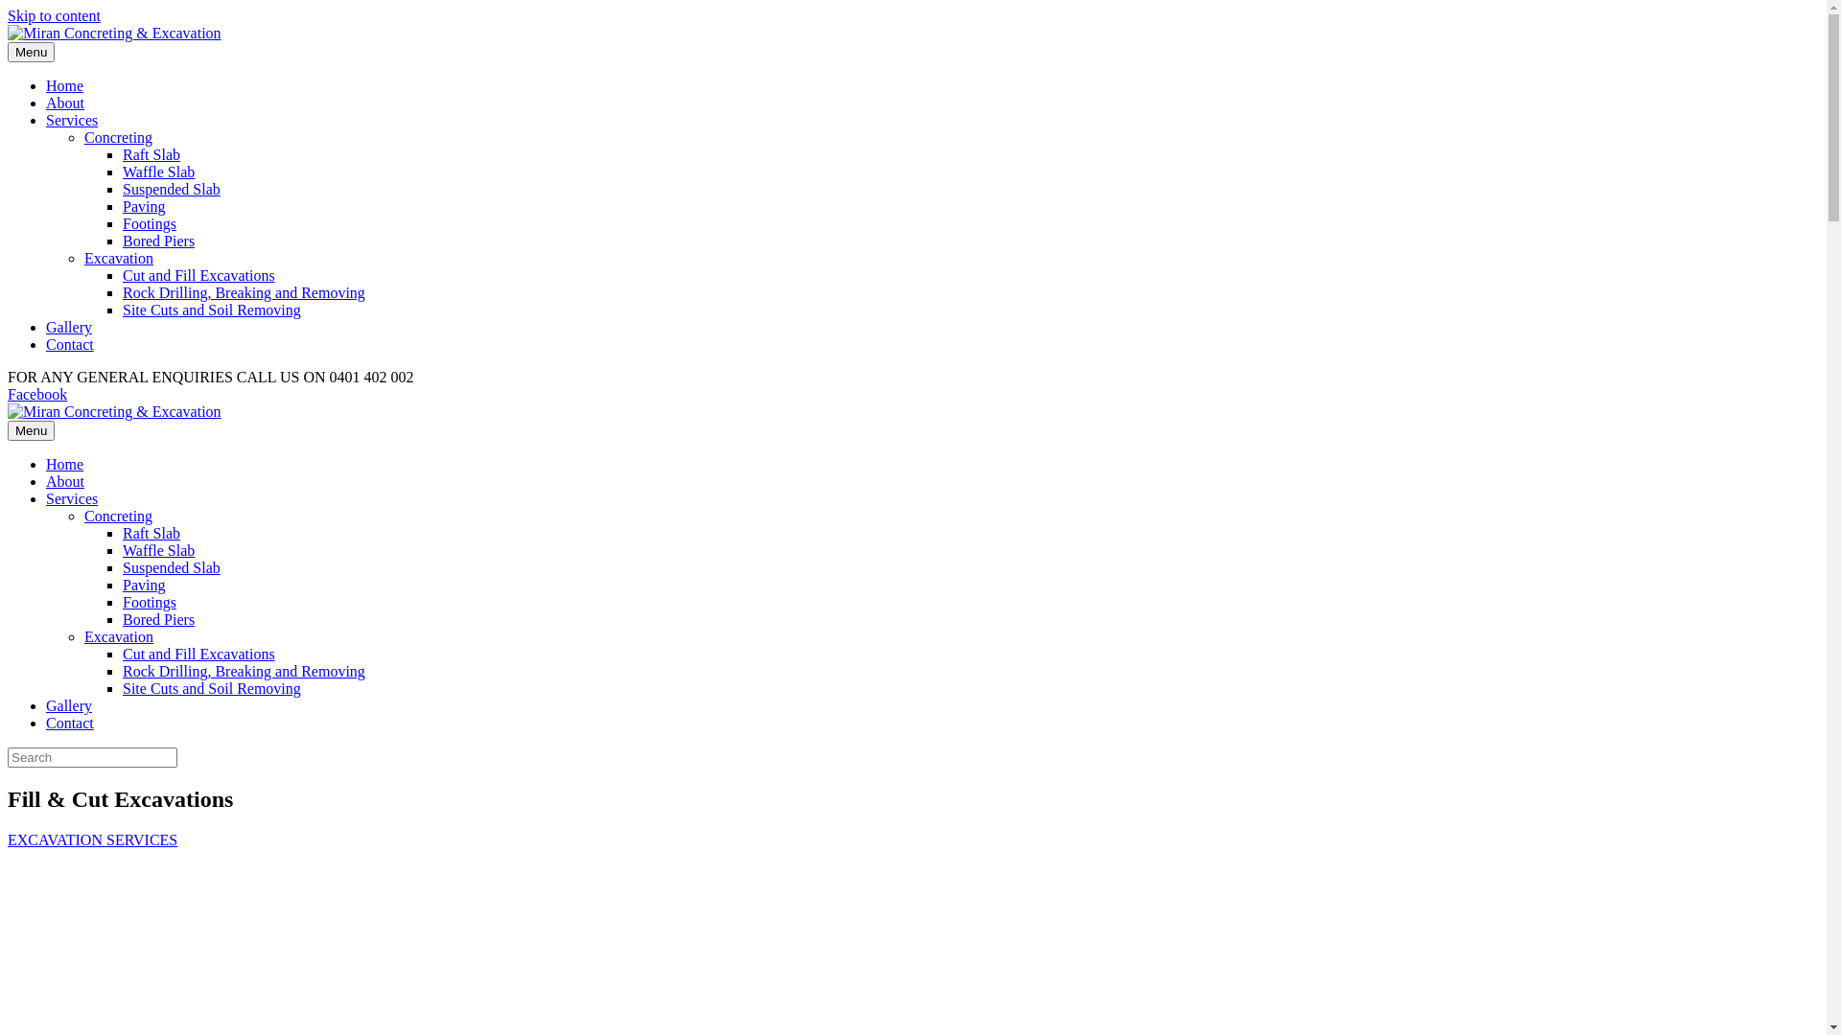 This screenshot has width=1841, height=1035. I want to click on 'Facebook', so click(36, 393).